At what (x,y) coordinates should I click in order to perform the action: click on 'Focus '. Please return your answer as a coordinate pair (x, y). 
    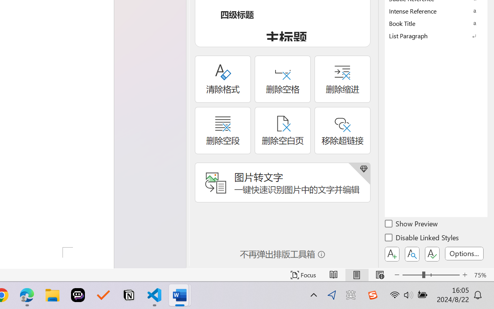
    Looking at the image, I should click on (303, 275).